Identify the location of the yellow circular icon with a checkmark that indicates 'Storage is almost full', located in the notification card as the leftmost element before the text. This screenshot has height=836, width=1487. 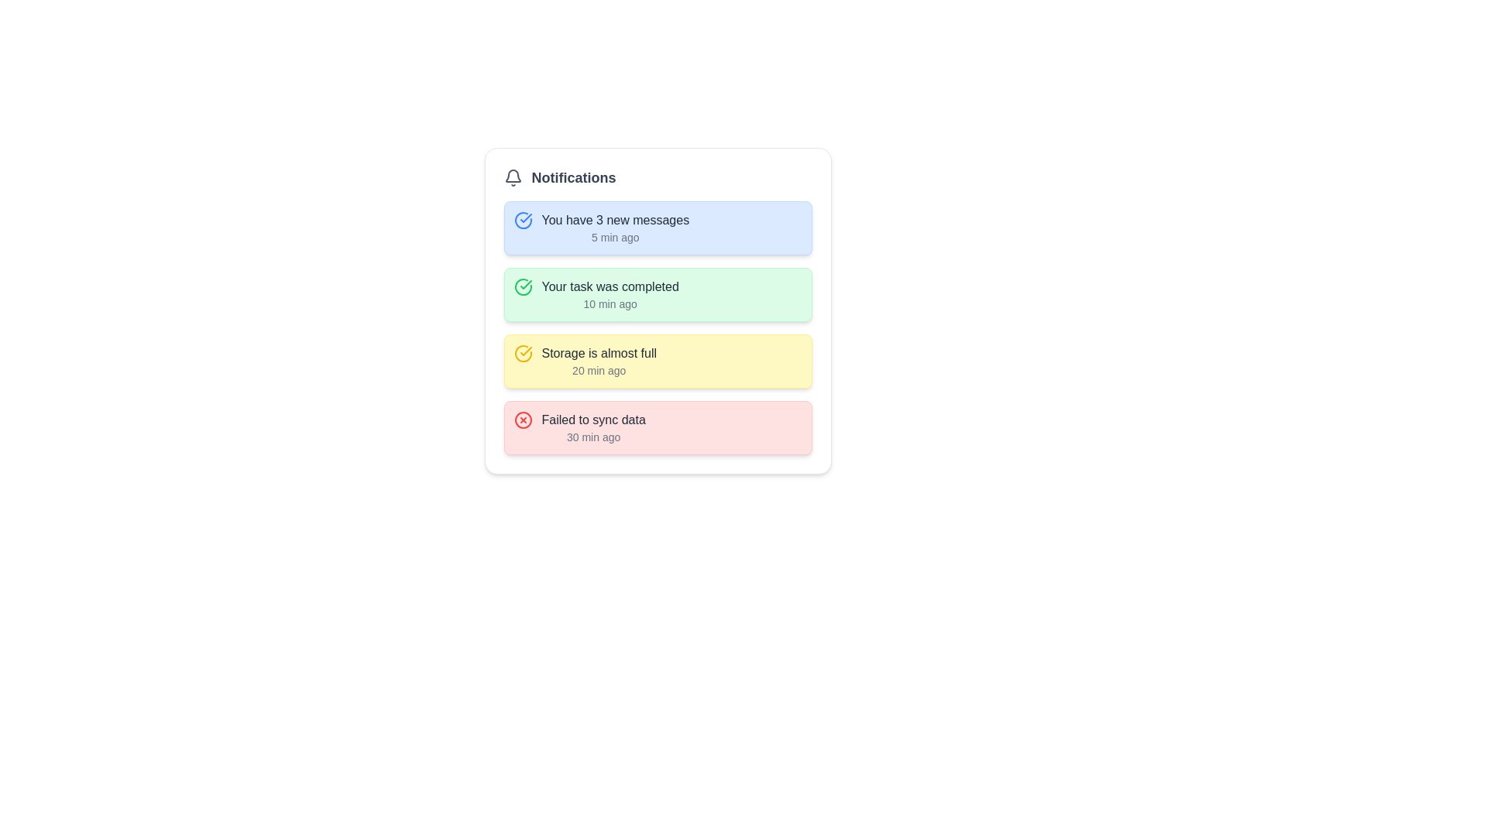
(523, 353).